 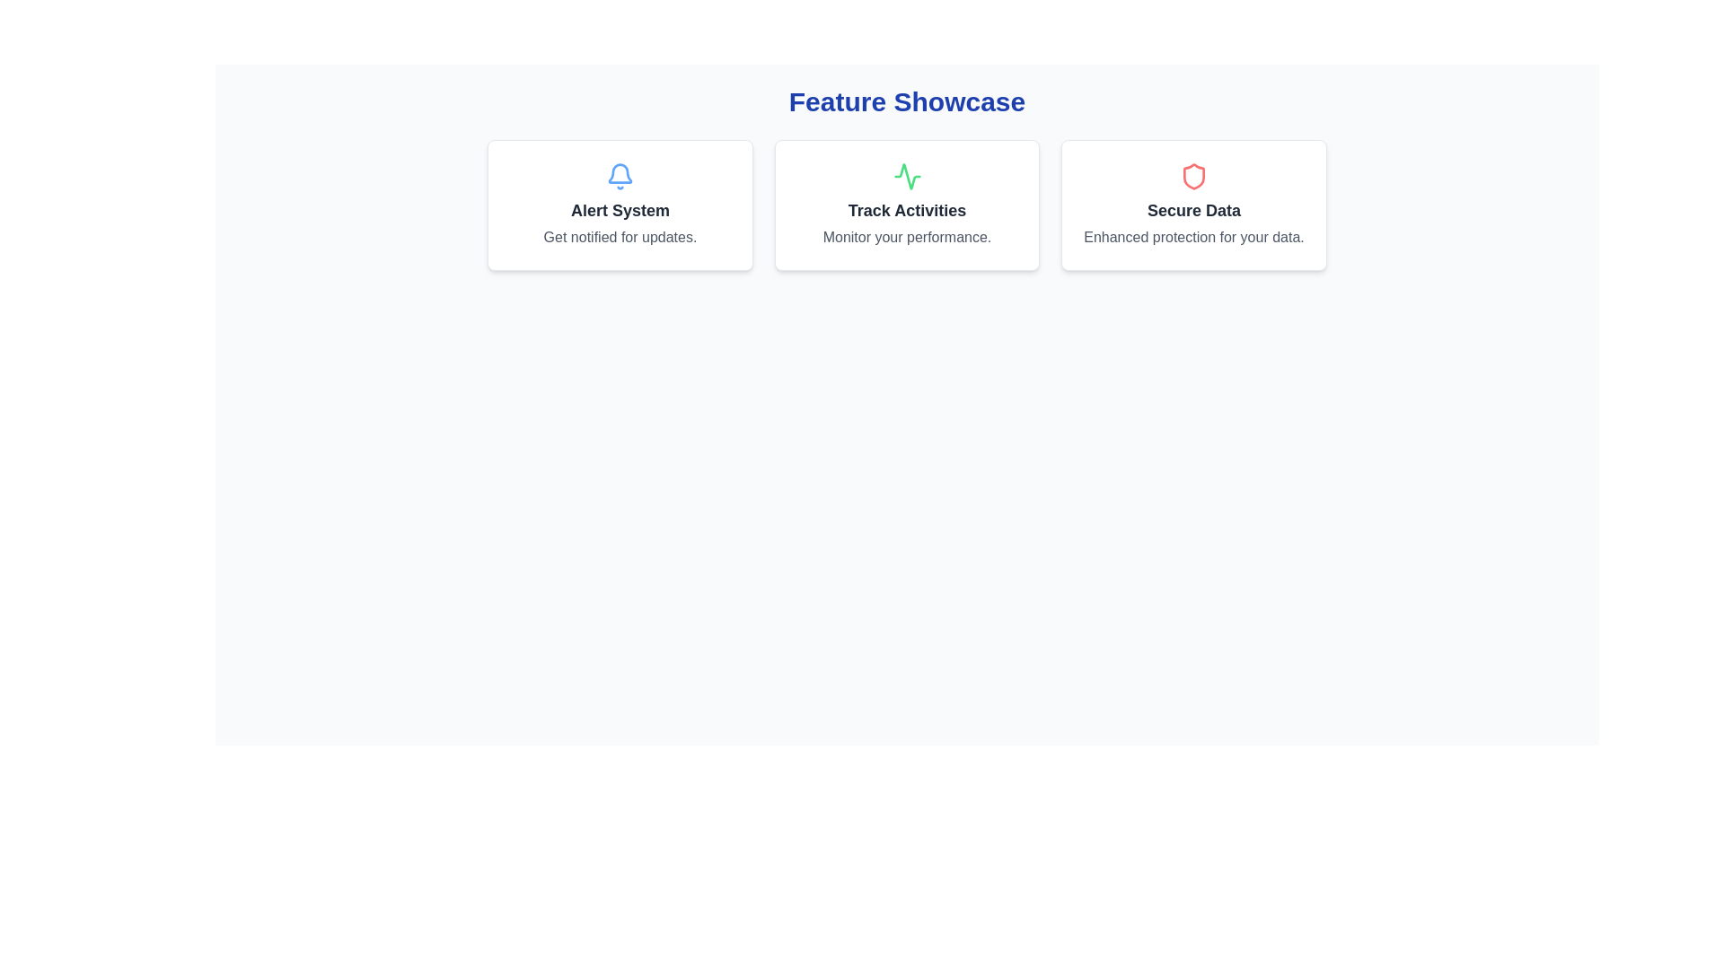 What do you see at coordinates (620, 173) in the screenshot?
I see `the notification icon located in the 'Alert System' section, which is centered above the text 'Get notified for updates.'` at bounding box center [620, 173].